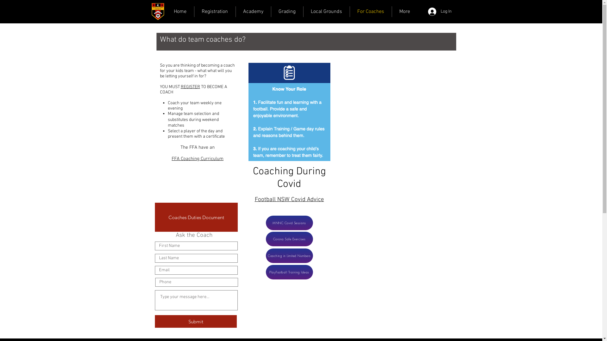  What do you see at coordinates (195, 321) in the screenshot?
I see `'Submit'` at bounding box center [195, 321].